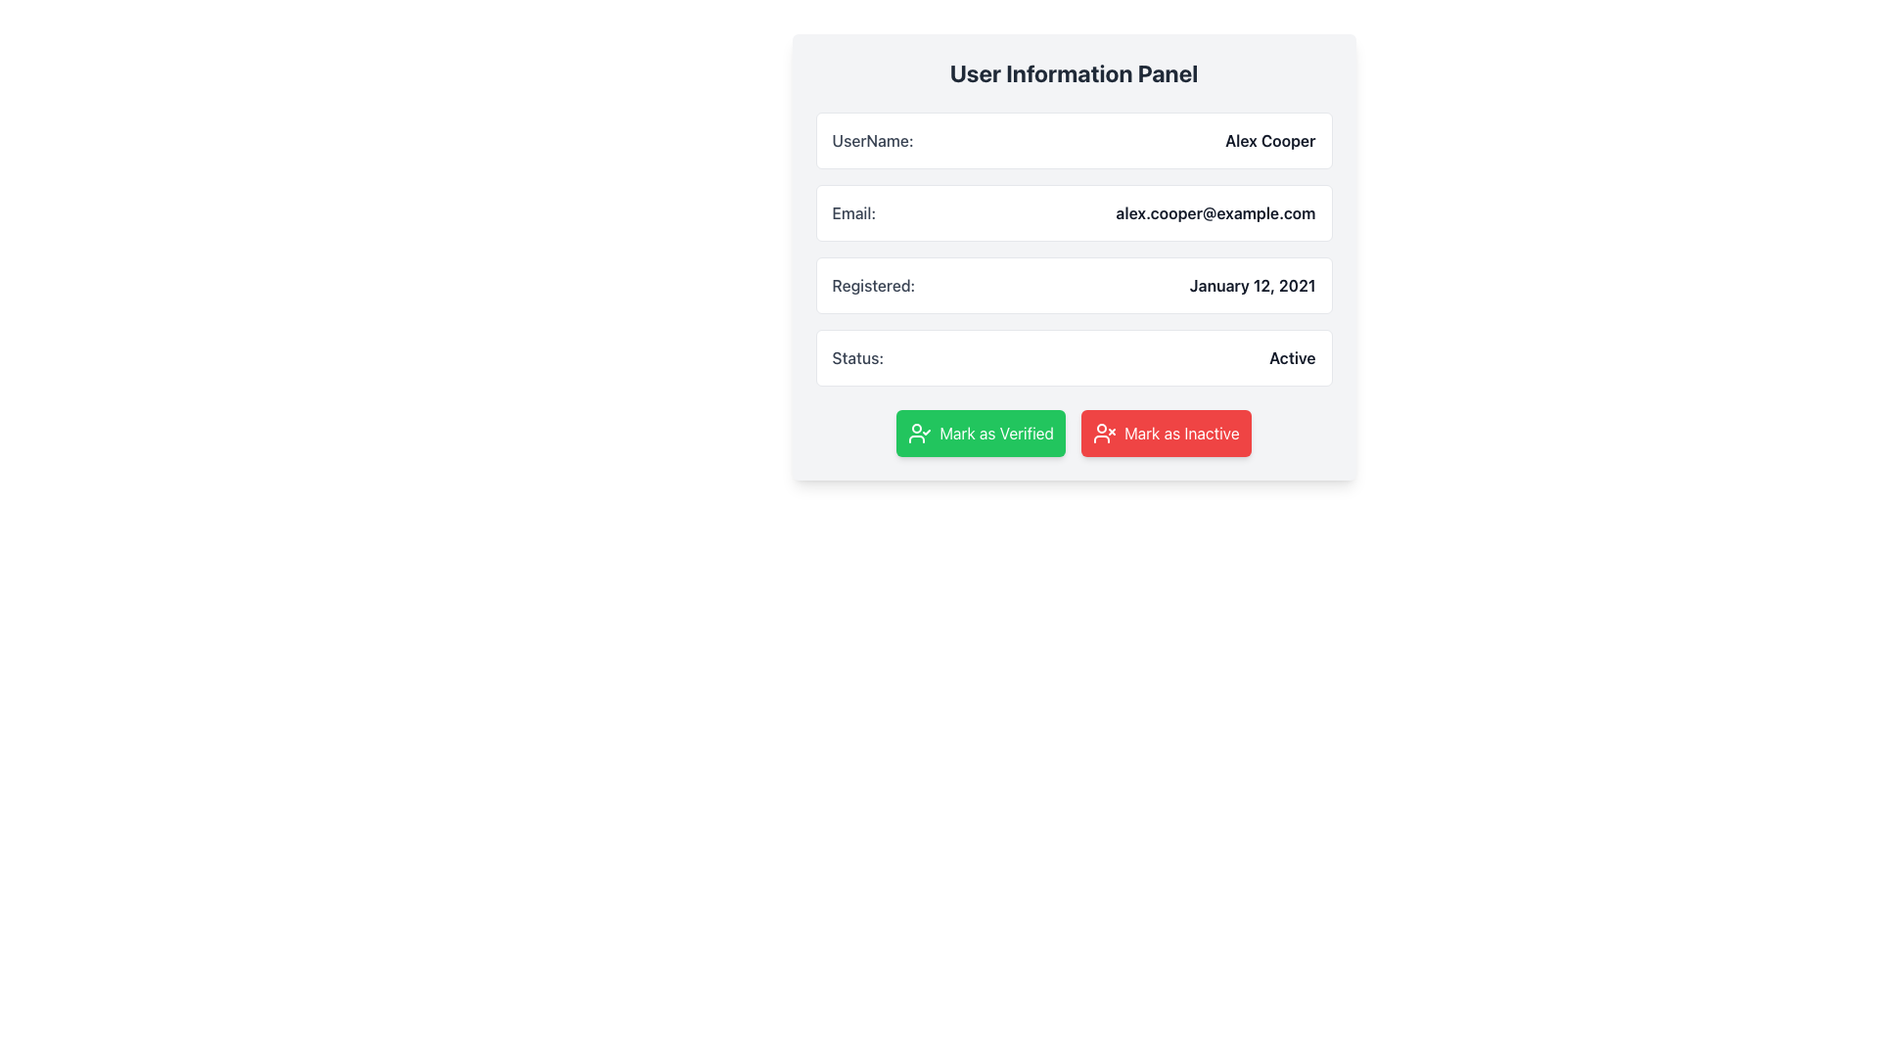 The image size is (1879, 1057). I want to click on the text label 'Email:' which is styled with gray color and medium font weight, positioned on the left side of the email address in the user information panel, so click(853, 213).